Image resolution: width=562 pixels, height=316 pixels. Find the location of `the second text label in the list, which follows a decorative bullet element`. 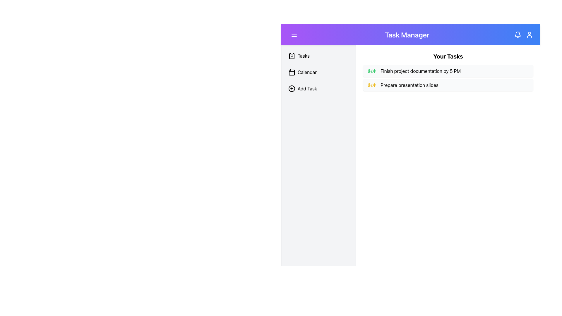

the second text label in the list, which follows a decorative bullet element is located at coordinates (409, 85).